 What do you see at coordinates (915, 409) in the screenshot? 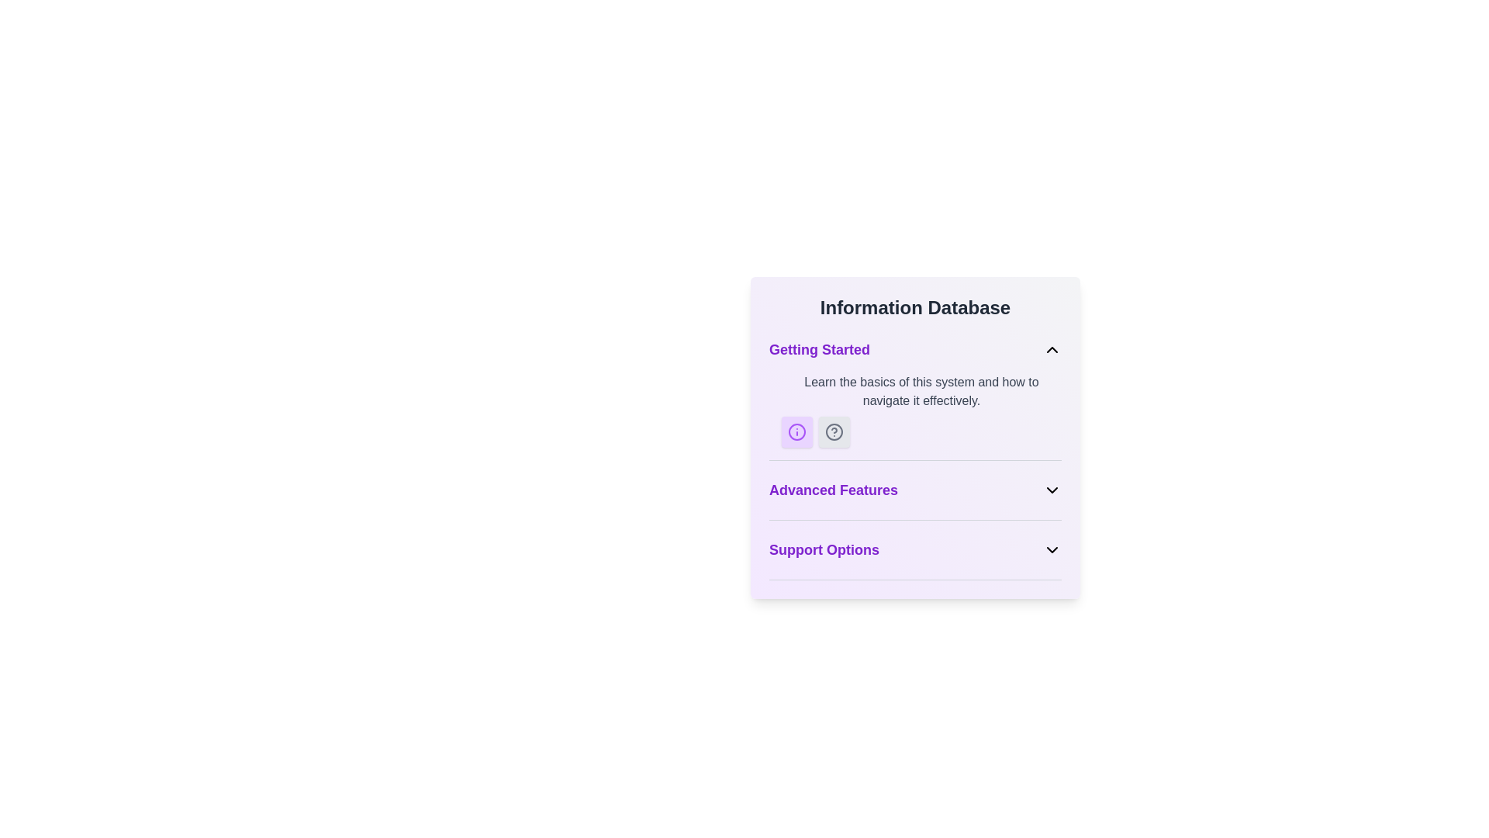
I see `the informational text that reads 'Learn the basics of this system and how to navigate it effectively.' or the accompanying icons` at bounding box center [915, 409].